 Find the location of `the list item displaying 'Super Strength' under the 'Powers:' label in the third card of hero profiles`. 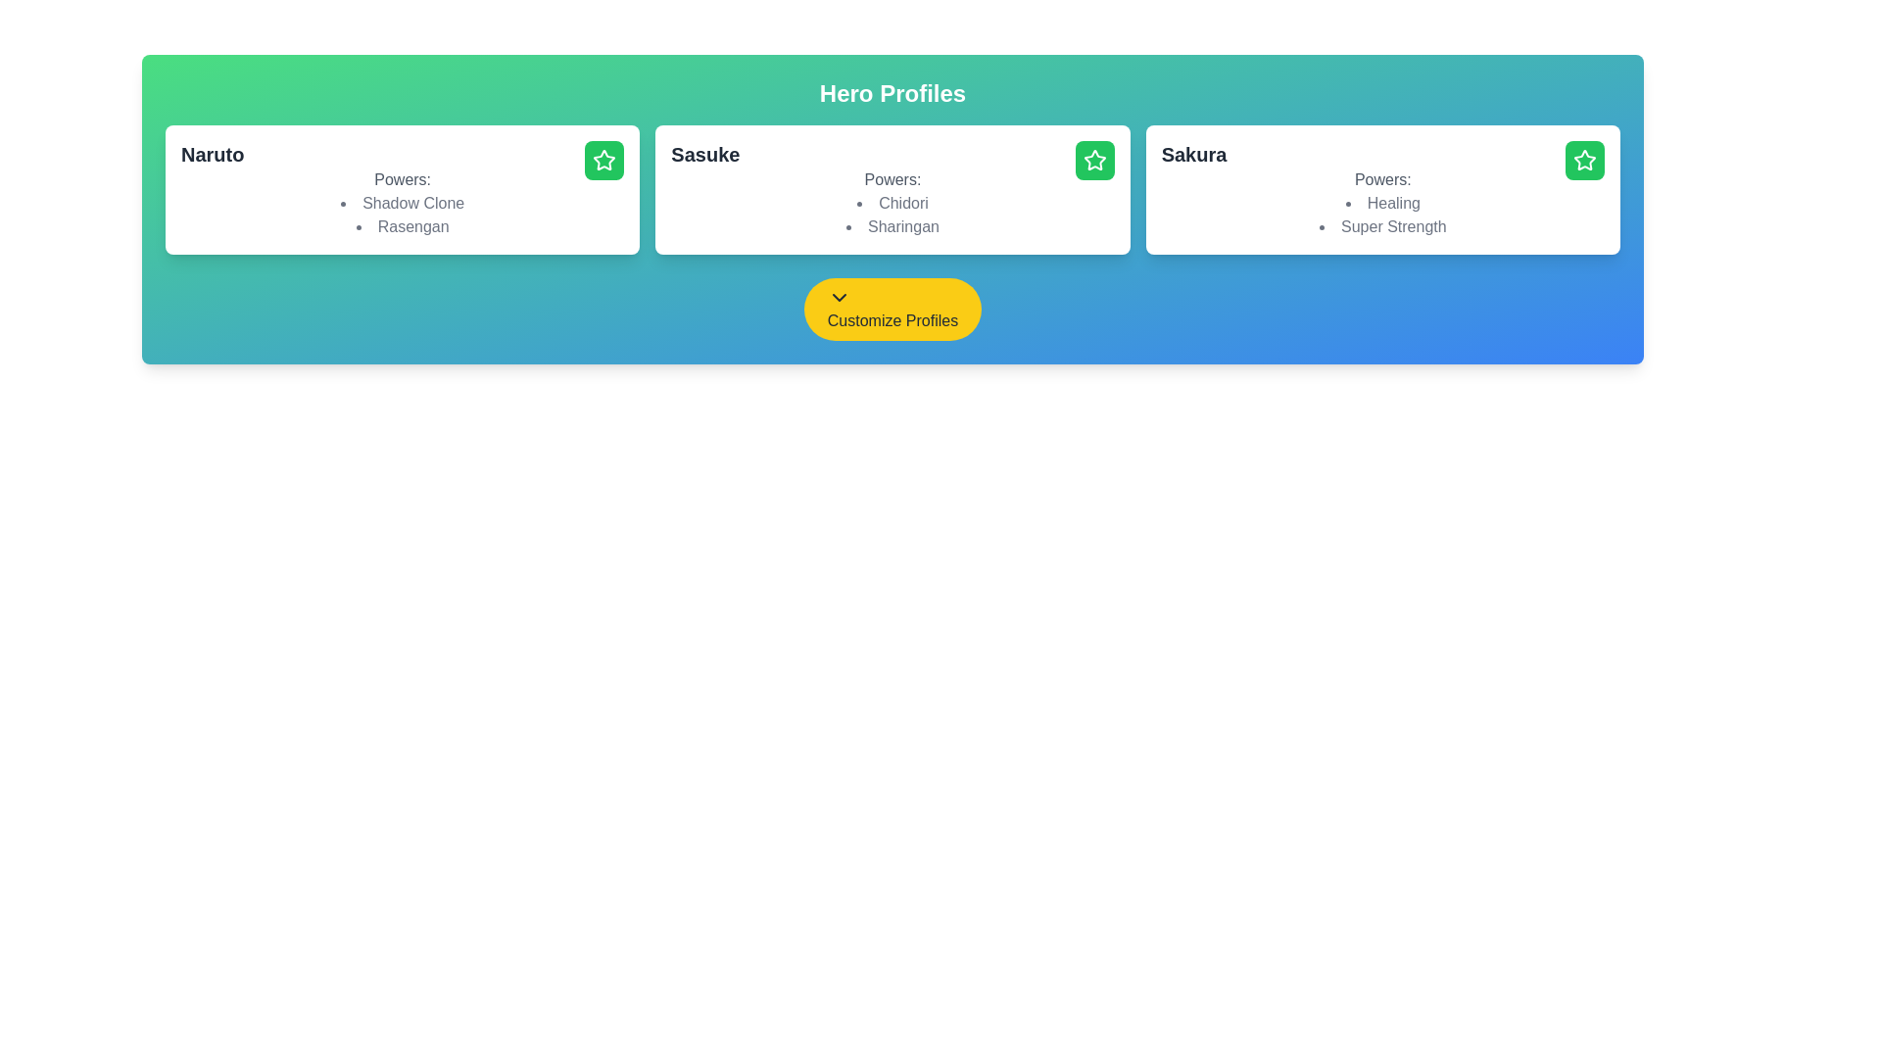

the list item displaying 'Super Strength' under the 'Powers:' label in the third card of hero profiles is located at coordinates (1381, 225).